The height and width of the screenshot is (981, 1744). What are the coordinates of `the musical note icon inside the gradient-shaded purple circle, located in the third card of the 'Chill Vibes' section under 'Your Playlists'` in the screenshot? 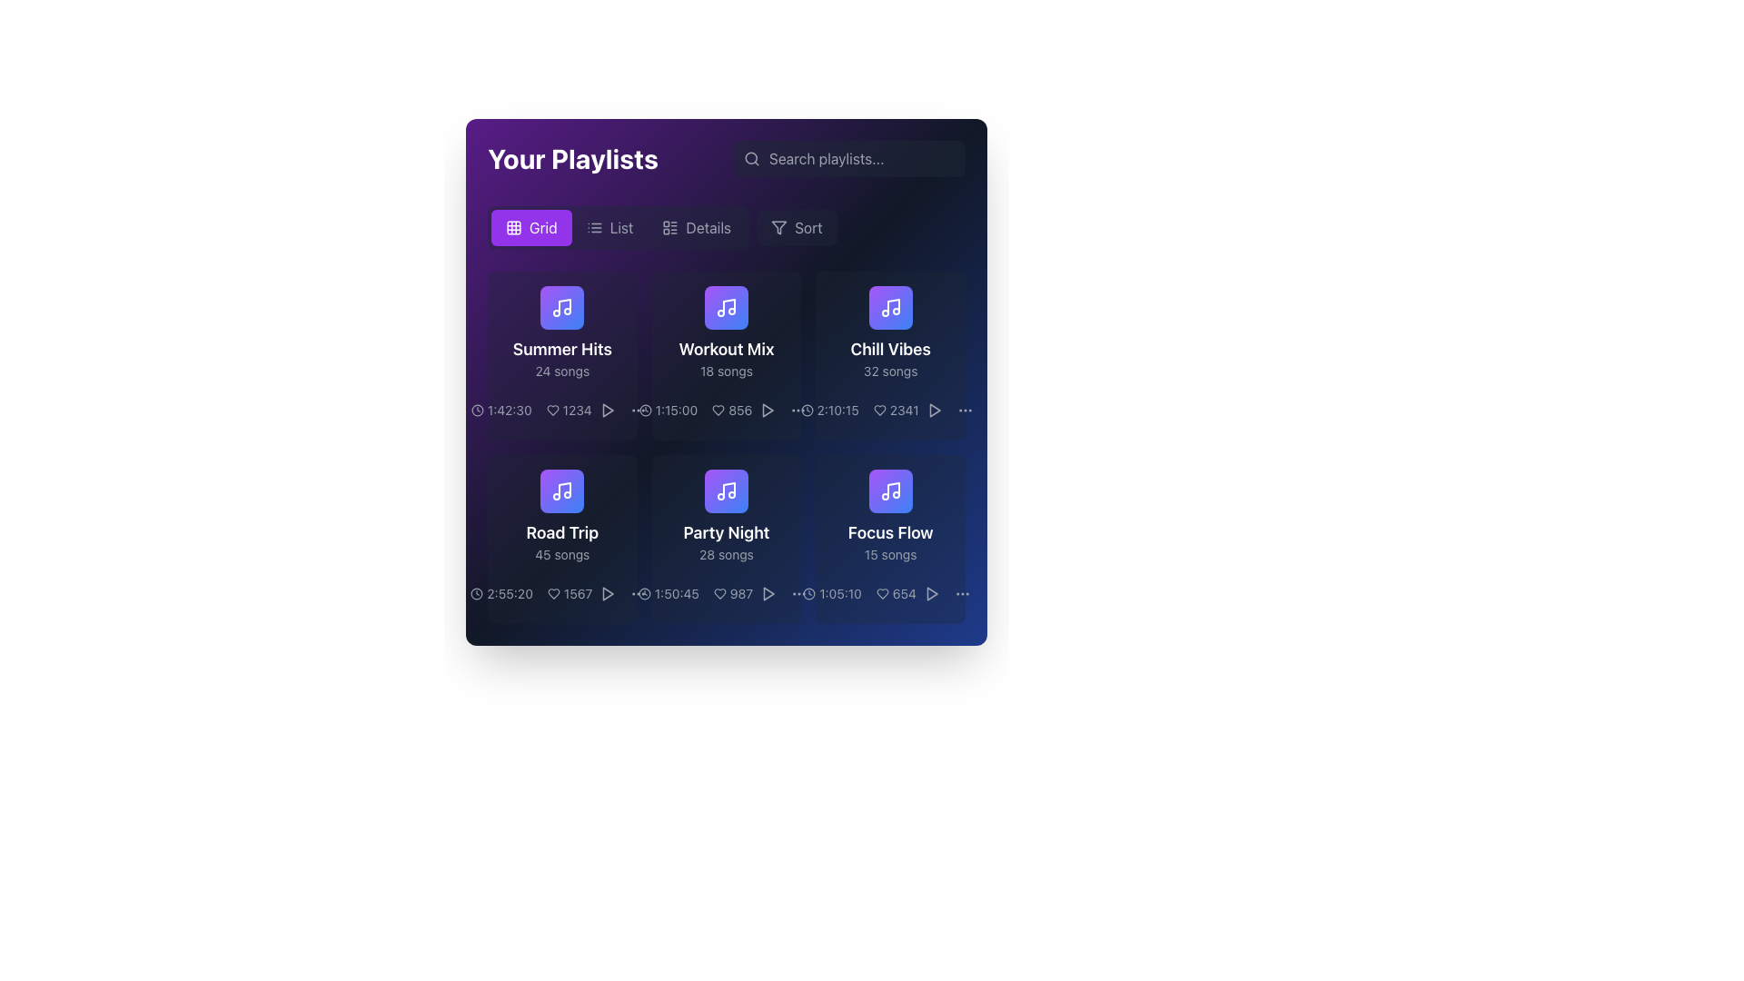 It's located at (890, 307).